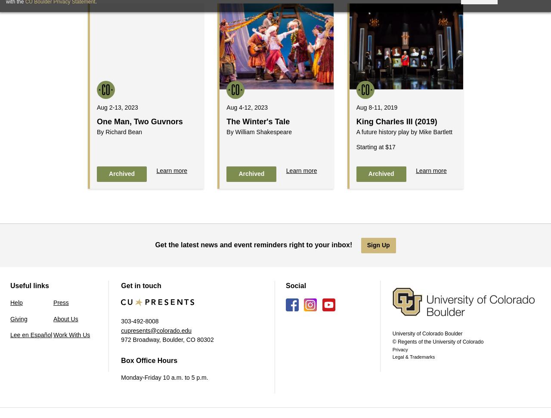 This screenshot has width=551, height=418. What do you see at coordinates (10, 285) in the screenshot?
I see `'Useful links'` at bounding box center [10, 285].